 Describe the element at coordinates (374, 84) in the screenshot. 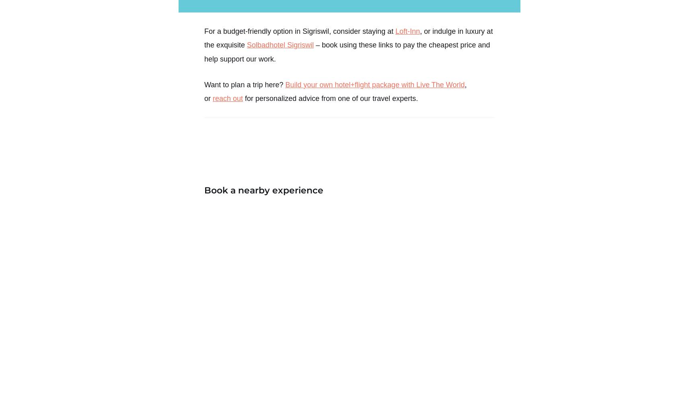

I see `'Build your own hotel+flight package with Live The World'` at that location.